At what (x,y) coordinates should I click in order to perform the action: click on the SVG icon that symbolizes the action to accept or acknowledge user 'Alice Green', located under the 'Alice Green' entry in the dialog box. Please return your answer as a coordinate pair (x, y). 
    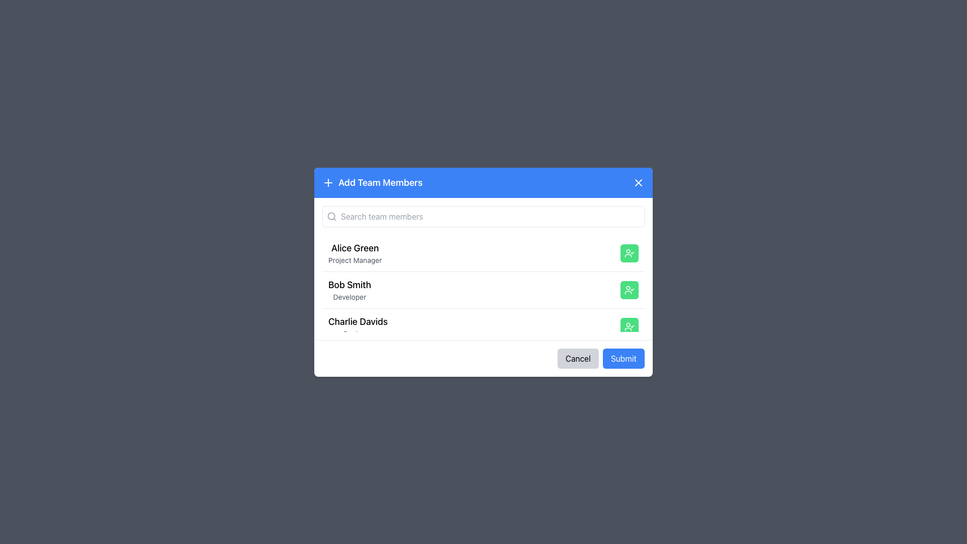
    Looking at the image, I should click on (629, 252).